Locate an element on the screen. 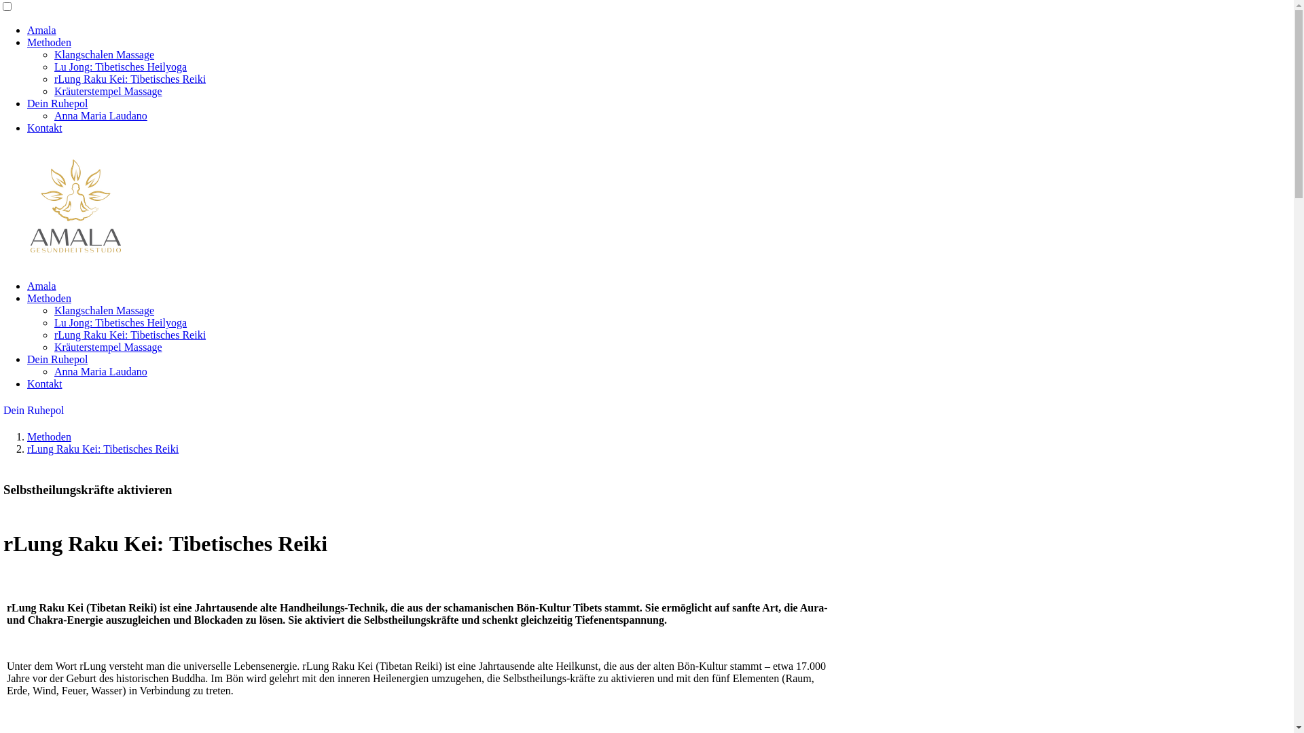 The height and width of the screenshot is (733, 1304). 'Anna Maria Laudano' is located at coordinates (100, 371).